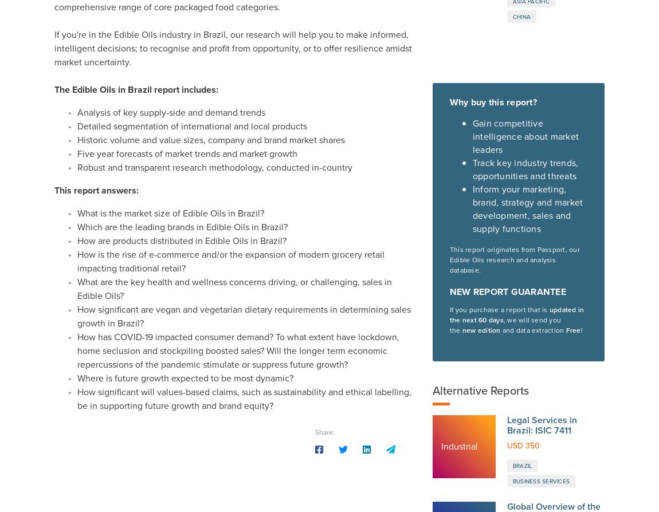  Describe the element at coordinates (534, 463) in the screenshot. I see `'Sign In'` at that location.